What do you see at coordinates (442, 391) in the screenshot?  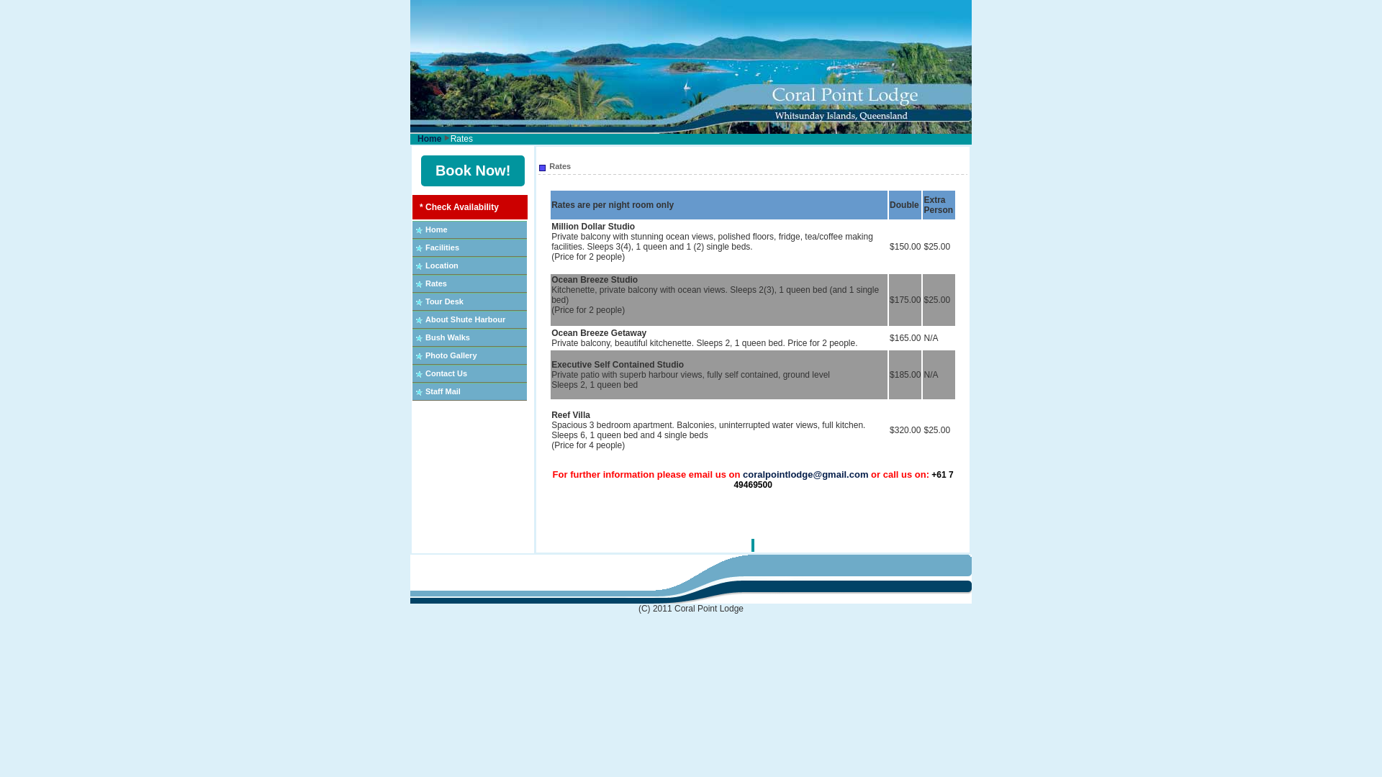 I see `'Staff Mail'` at bounding box center [442, 391].